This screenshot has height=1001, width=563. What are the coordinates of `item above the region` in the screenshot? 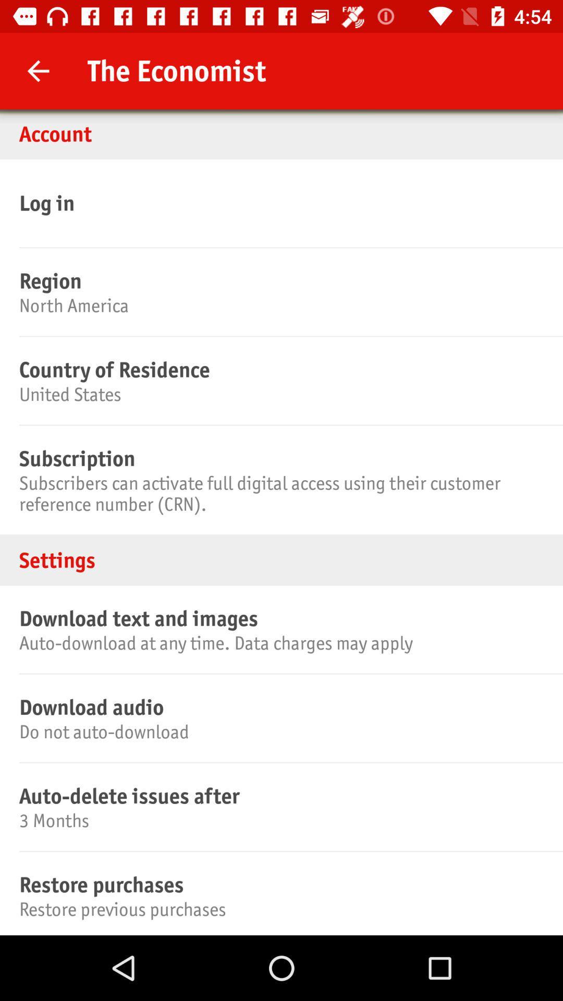 It's located at (279, 203).